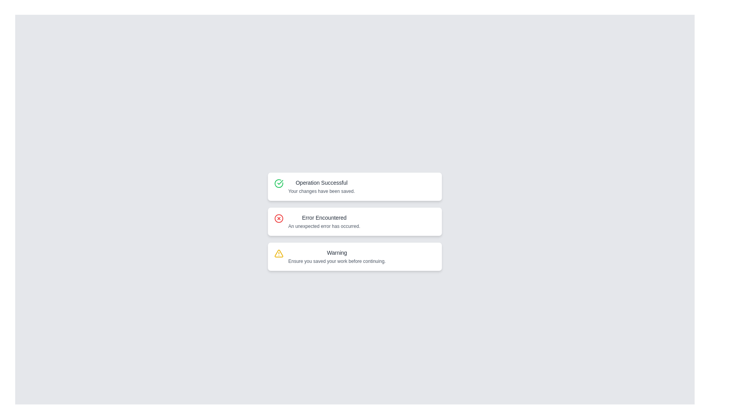 Image resolution: width=748 pixels, height=420 pixels. Describe the element at coordinates (321, 191) in the screenshot. I see `text label displaying the message 'Your changes have been saved.' which is styled in a small gray font and located below the 'Operation Successful' text in the notification card` at that location.